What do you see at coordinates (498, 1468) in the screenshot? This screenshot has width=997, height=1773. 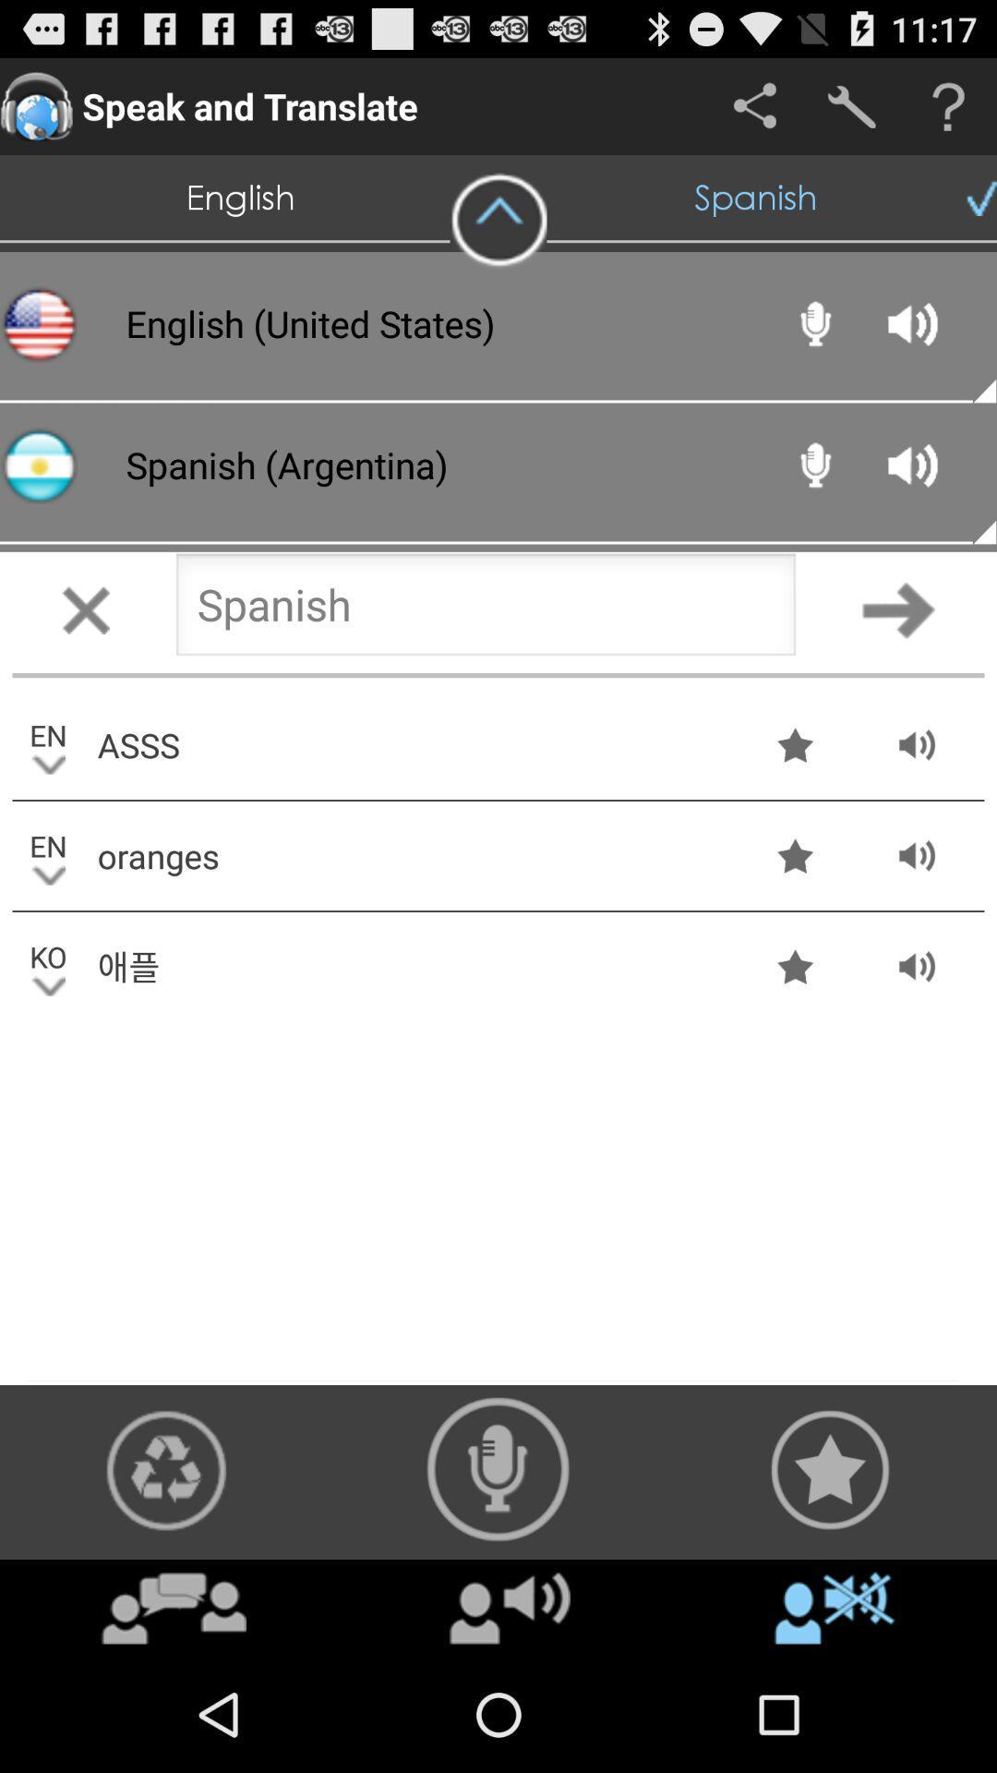 I see `speaker` at bounding box center [498, 1468].